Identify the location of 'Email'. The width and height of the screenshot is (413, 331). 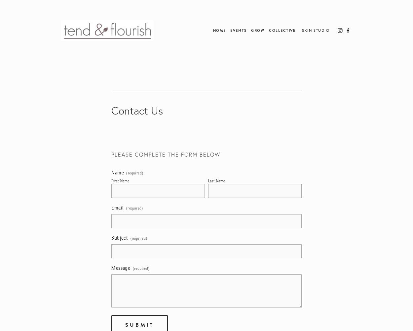
(117, 208).